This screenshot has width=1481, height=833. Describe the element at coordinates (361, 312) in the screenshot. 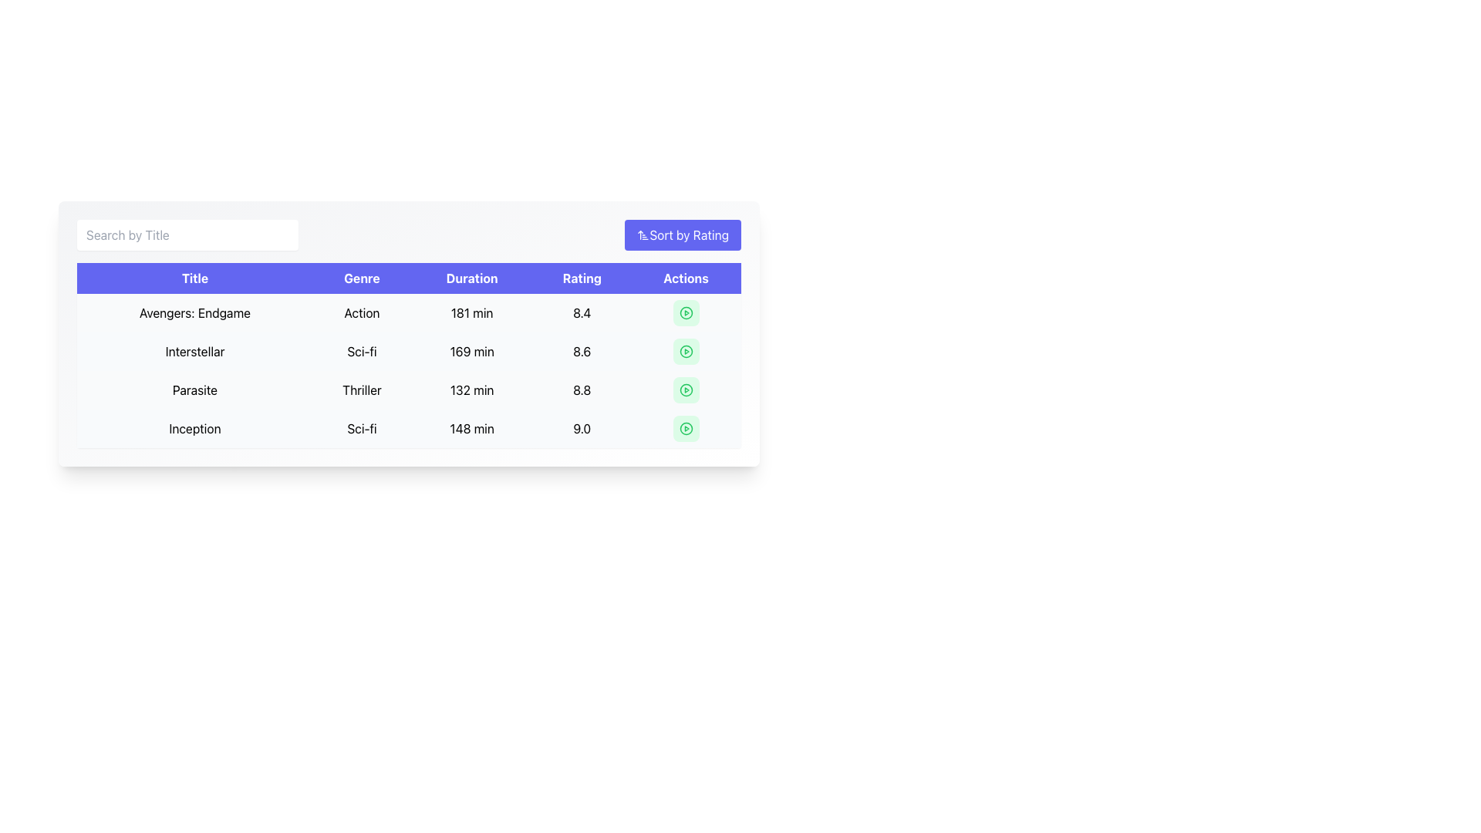

I see `the static text label that denotes the genre of the movie 'Avengers: Endgame' in the second cell of the row` at that location.